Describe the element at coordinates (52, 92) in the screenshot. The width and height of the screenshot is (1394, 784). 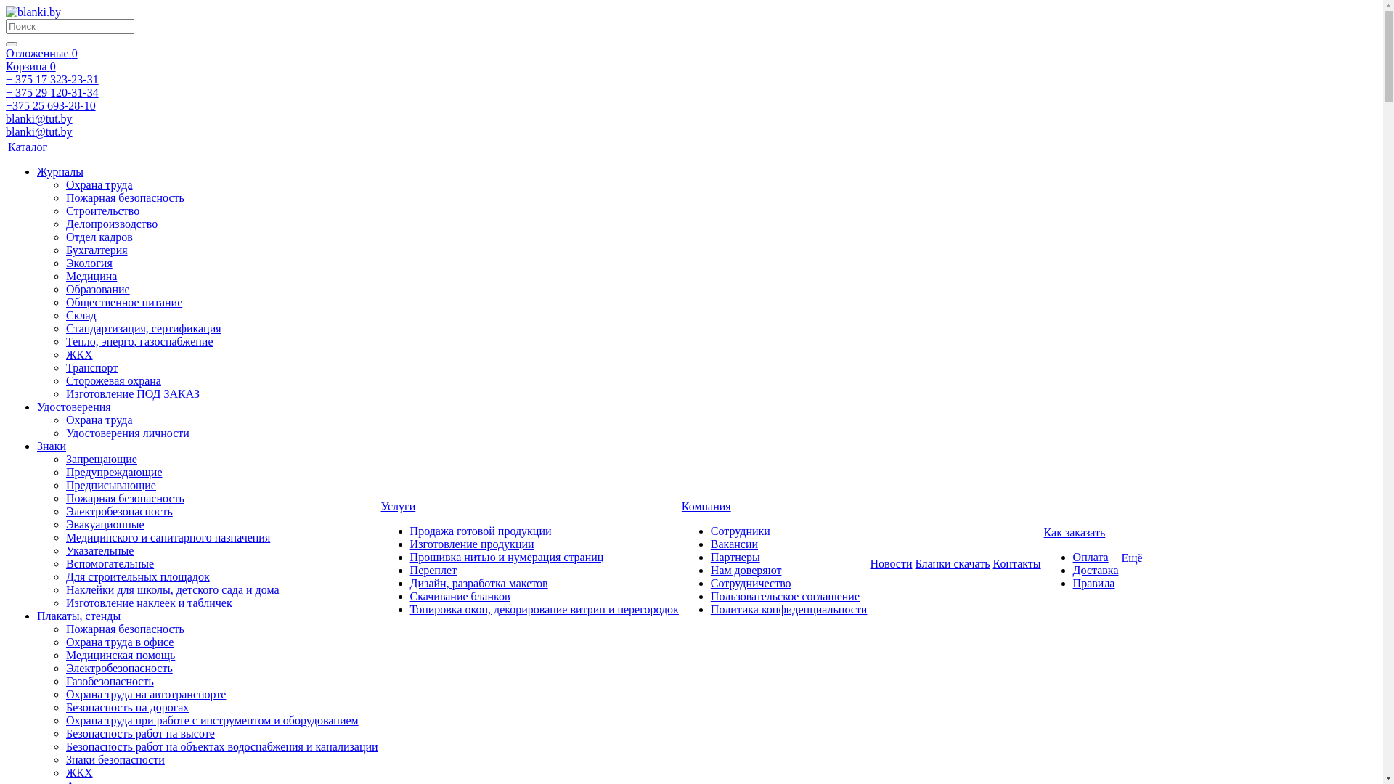
I see `'+ 375 29 120-31-34'` at that location.